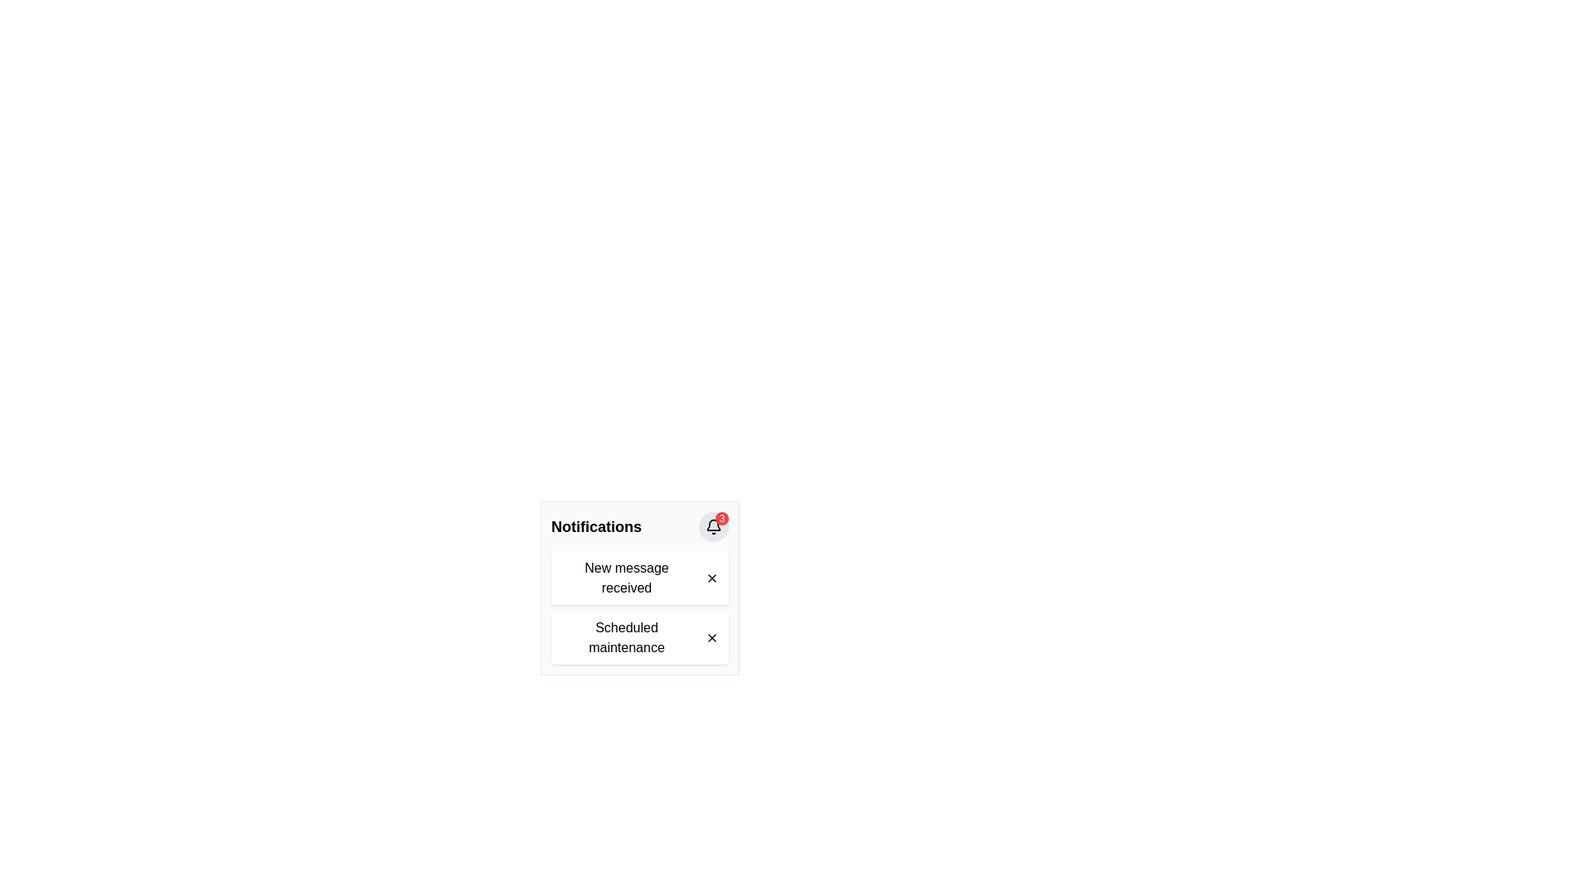 Image resolution: width=1592 pixels, height=895 pixels. Describe the element at coordinates (721, 517) in the screenshot. I see `the red circular notification badge displaying the numeral '3' located at the top-right corner of the bell icon button` at that location.